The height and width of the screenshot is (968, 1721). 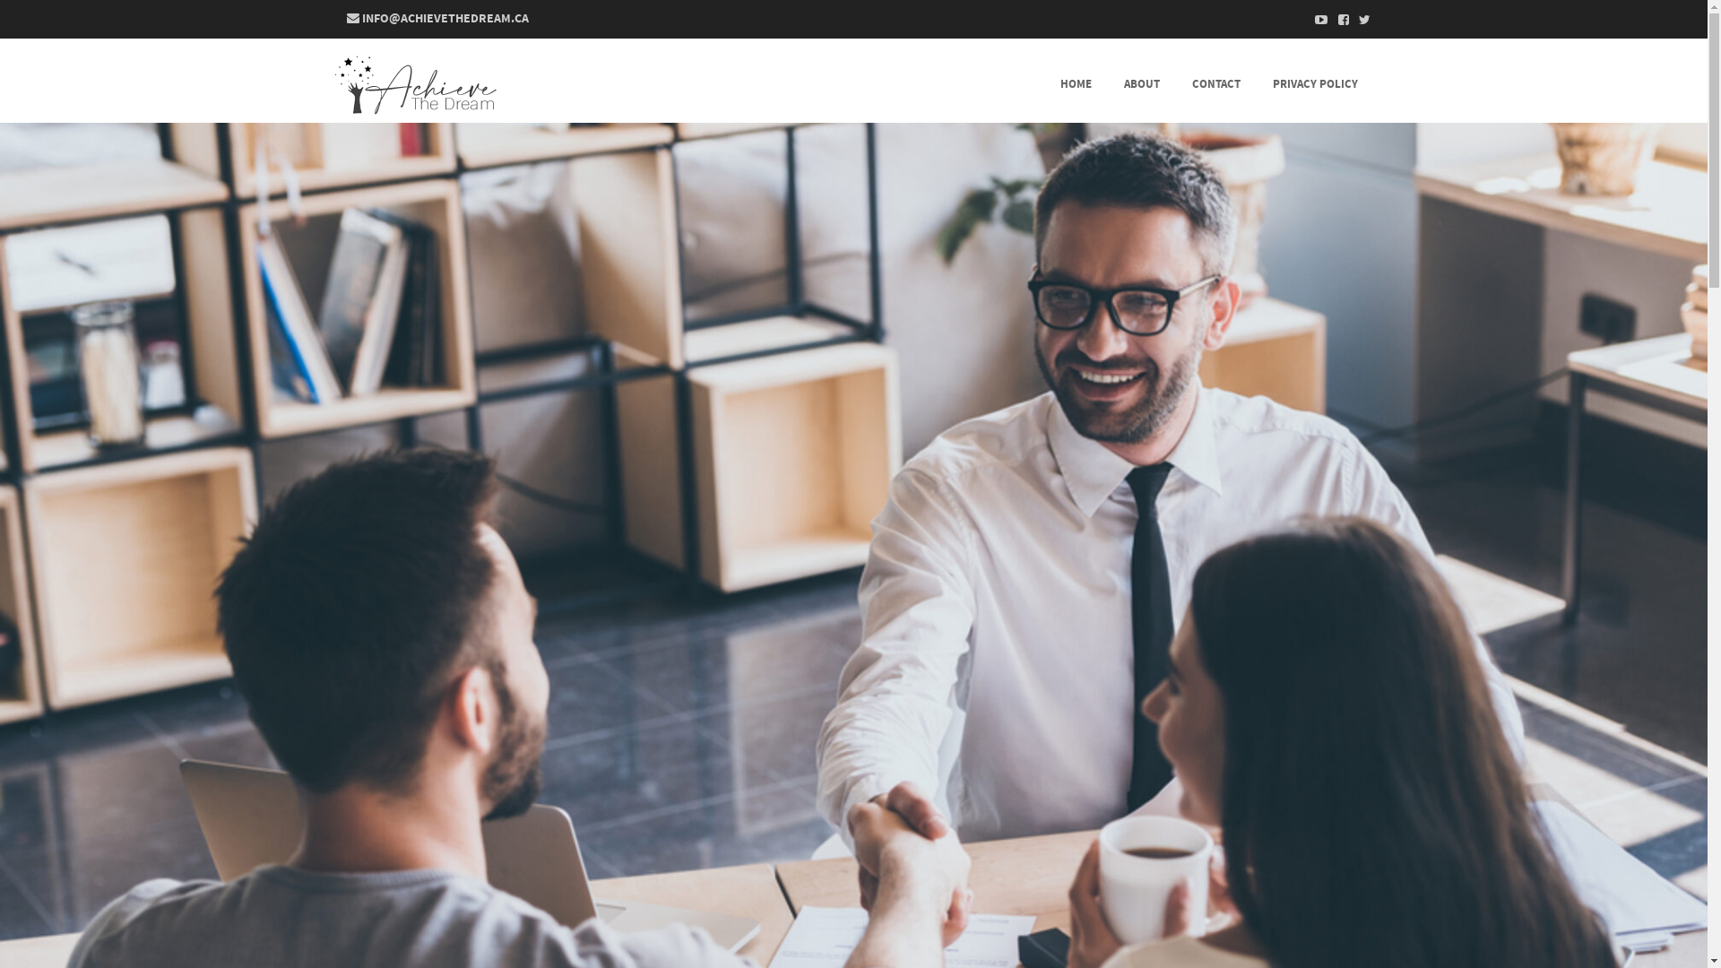 I want to click on 'CONTACT', so click(x=1216, y=79).